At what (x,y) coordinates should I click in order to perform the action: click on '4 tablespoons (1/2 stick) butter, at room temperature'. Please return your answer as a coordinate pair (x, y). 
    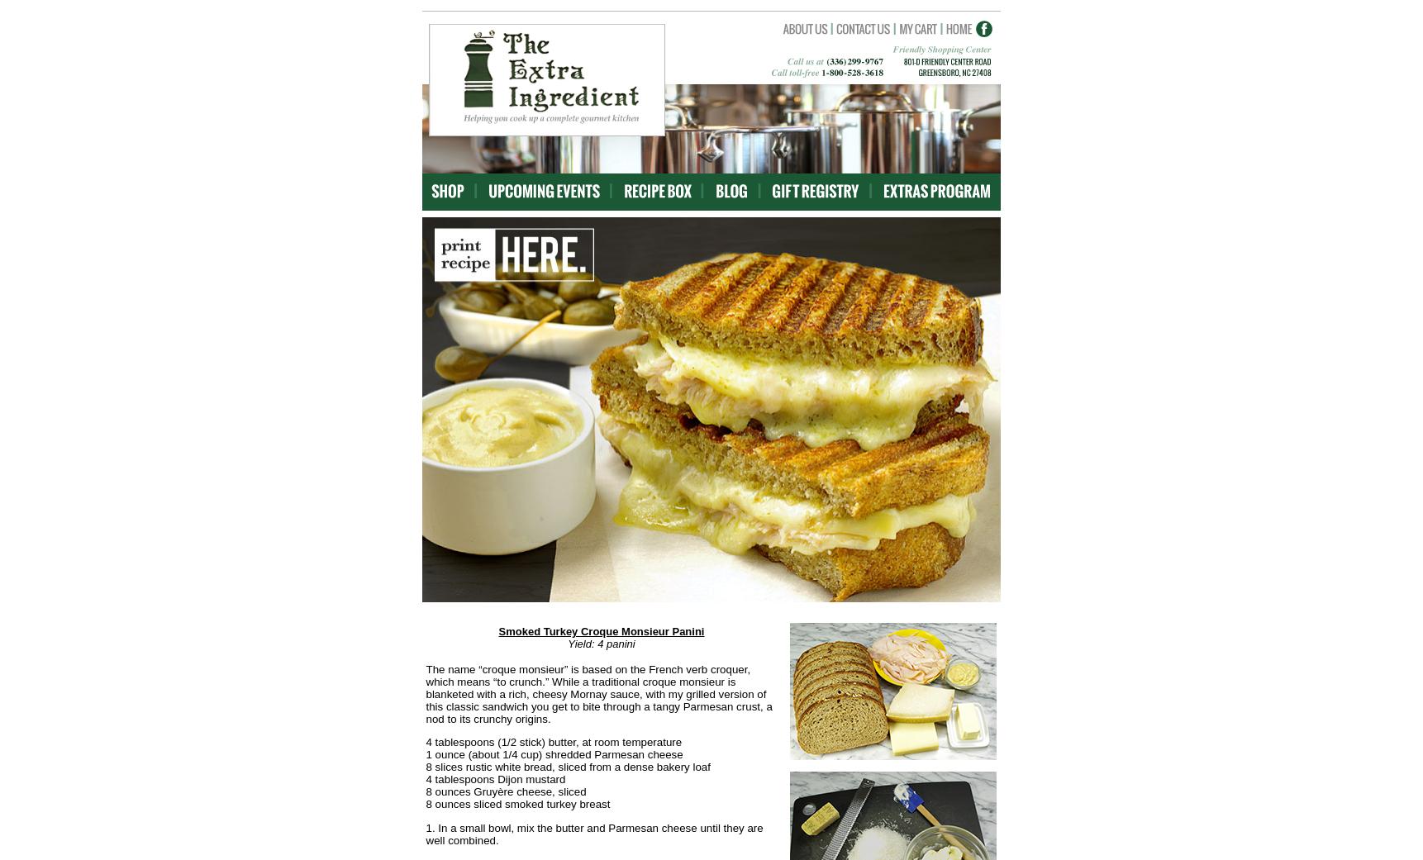
    Looking at the image, I should click on (554, 741).